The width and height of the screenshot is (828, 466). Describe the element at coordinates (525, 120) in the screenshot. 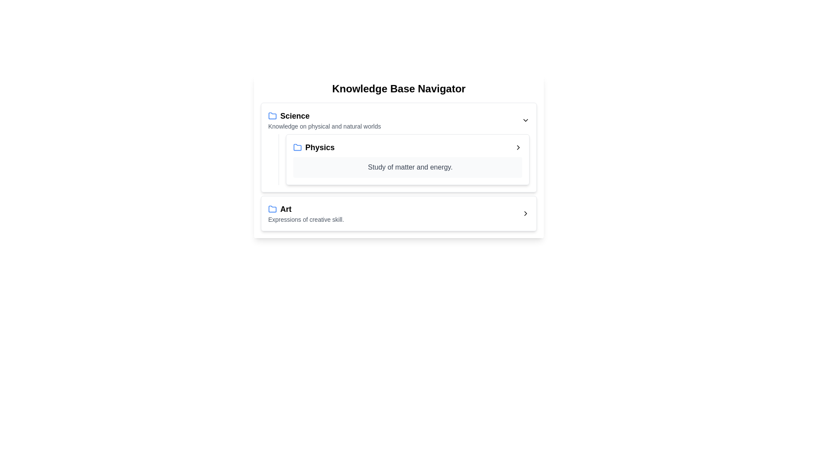

I see `the downward-facing chevron icon with a black outline located in the 'Science' section header` at that location.